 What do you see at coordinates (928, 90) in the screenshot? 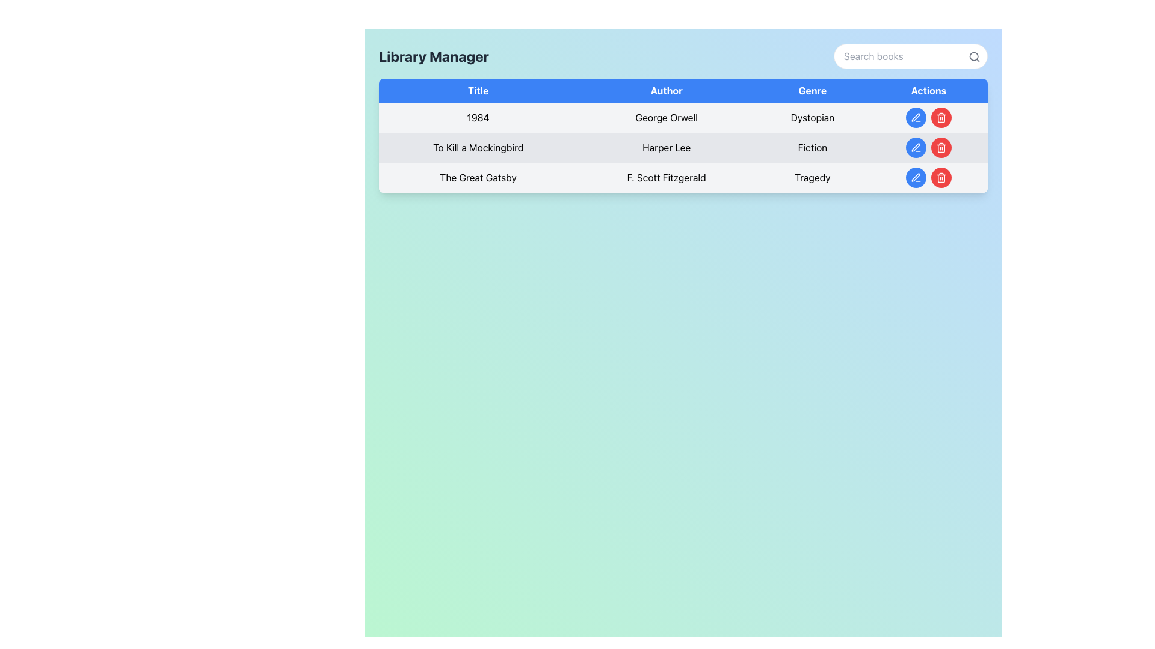
I see `text content of the 'Actions' header cell in the table, which is the fourth header in the row located at the top-right of the table` at bounding box center [928, 90].